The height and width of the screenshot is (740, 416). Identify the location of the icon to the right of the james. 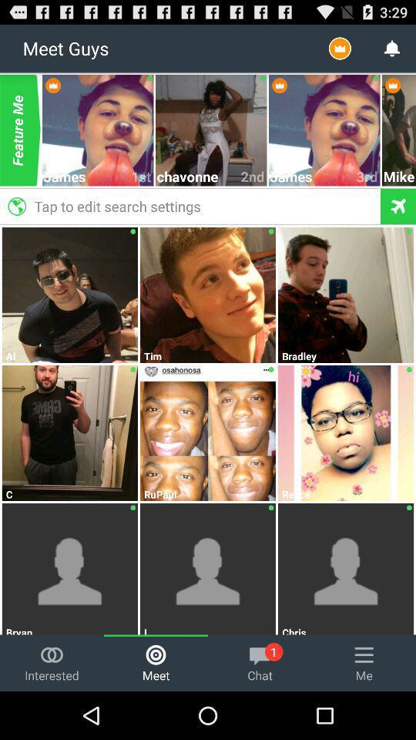
(367, 177).